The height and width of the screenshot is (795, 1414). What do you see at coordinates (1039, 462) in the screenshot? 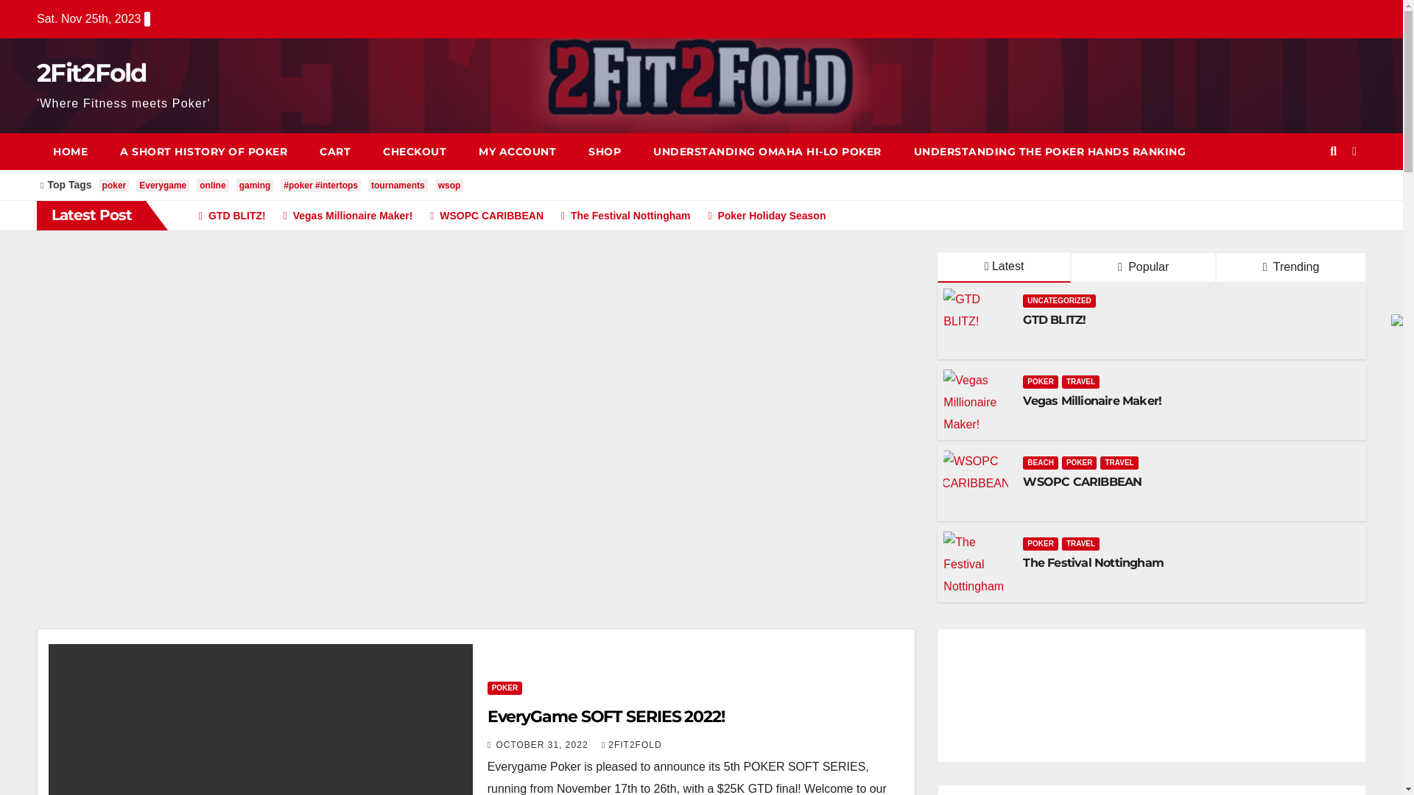
I see `'BEACH'` at bounding box center [1039, 462].